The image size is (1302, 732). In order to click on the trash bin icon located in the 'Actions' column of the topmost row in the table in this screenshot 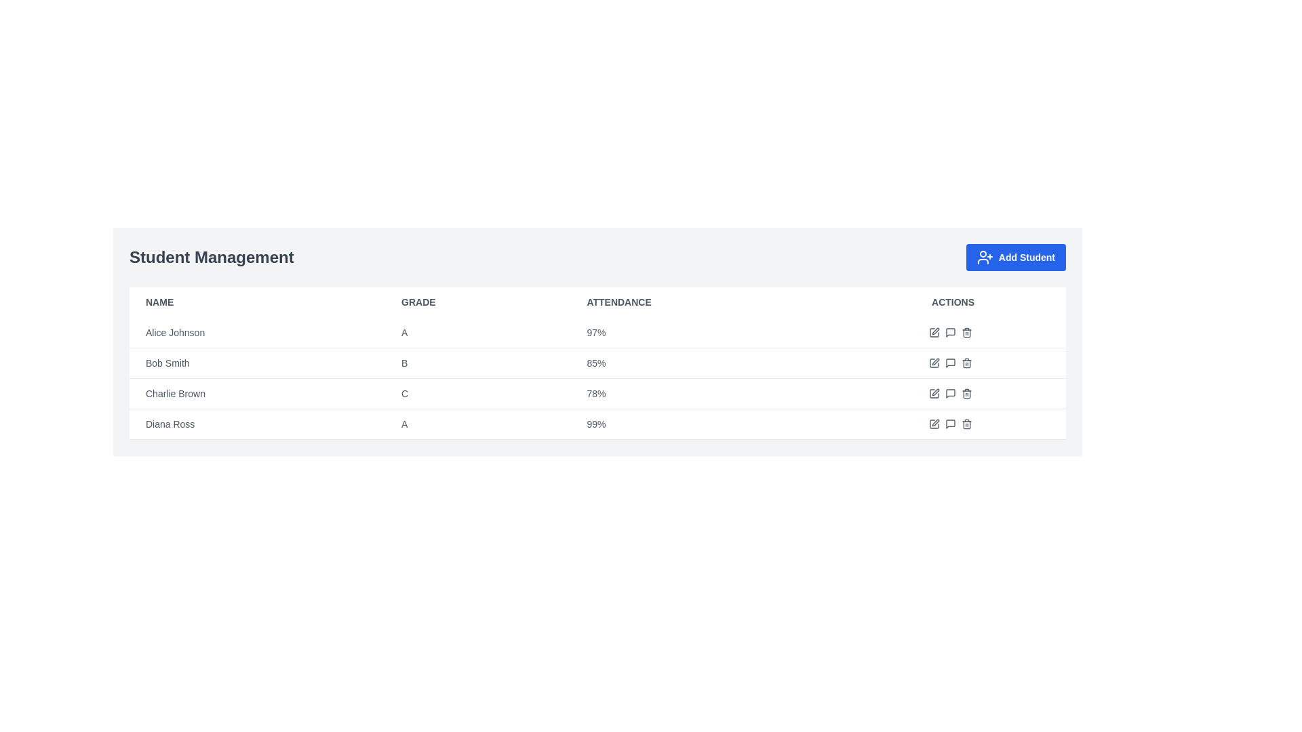, I will do `click(966, 332)`.